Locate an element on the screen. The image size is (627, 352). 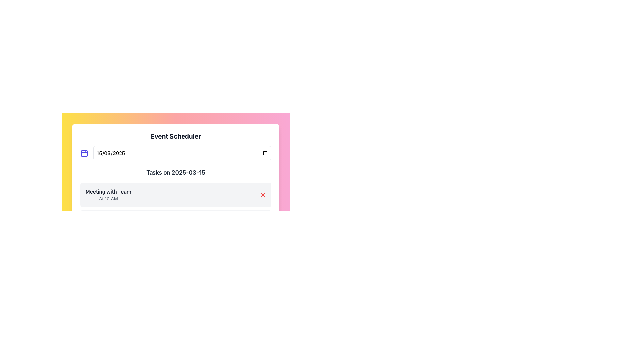
the task item panel titled 'Meeting with Team' is located at coordinates (176, 209).